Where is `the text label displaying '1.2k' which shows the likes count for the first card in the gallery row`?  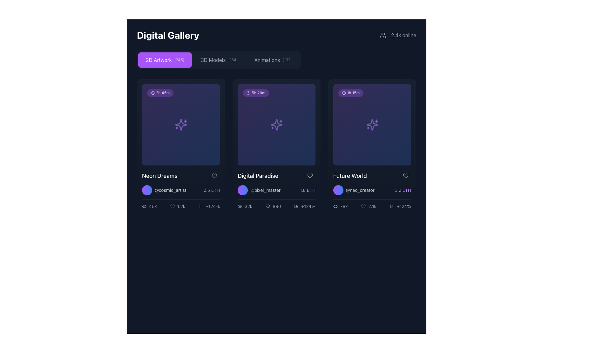
the text label displaying '1.2k' which shows the likes count for the first card in the gallery row is located at coordinates (181, 206).